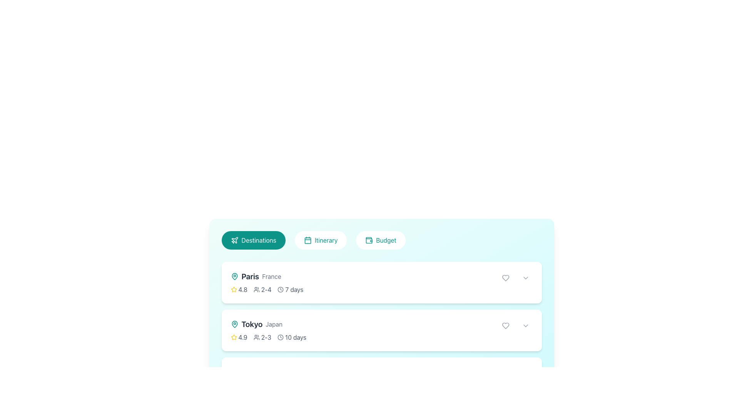 This screenshot has height=416, width=739. I want to click on the plane-styled graphical icon located within the 'Destinations' tab in the navigation bar, so click(234, 240).